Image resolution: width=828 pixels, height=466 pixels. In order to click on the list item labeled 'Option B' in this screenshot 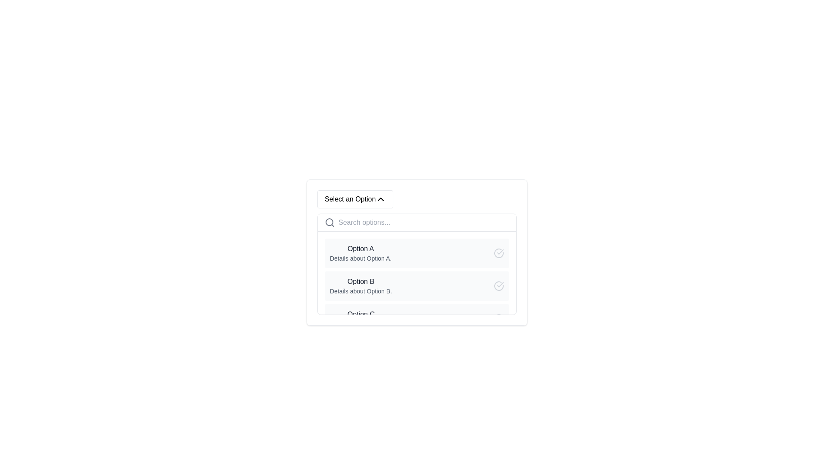, I will do `click(361, 286)`.